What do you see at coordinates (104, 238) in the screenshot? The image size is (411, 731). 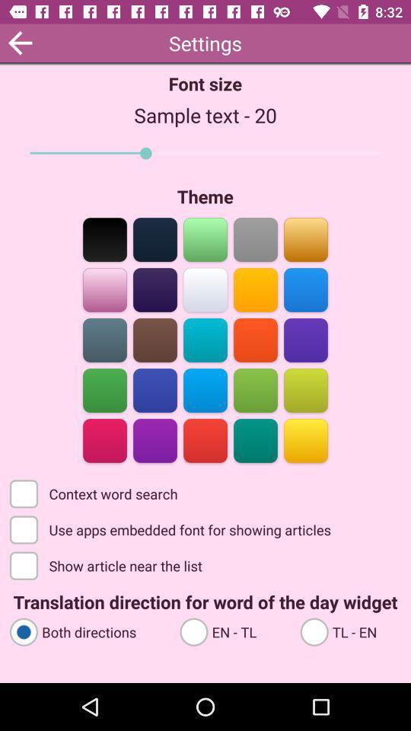 I see `set the theme to black` at bounding box center [104, 238].